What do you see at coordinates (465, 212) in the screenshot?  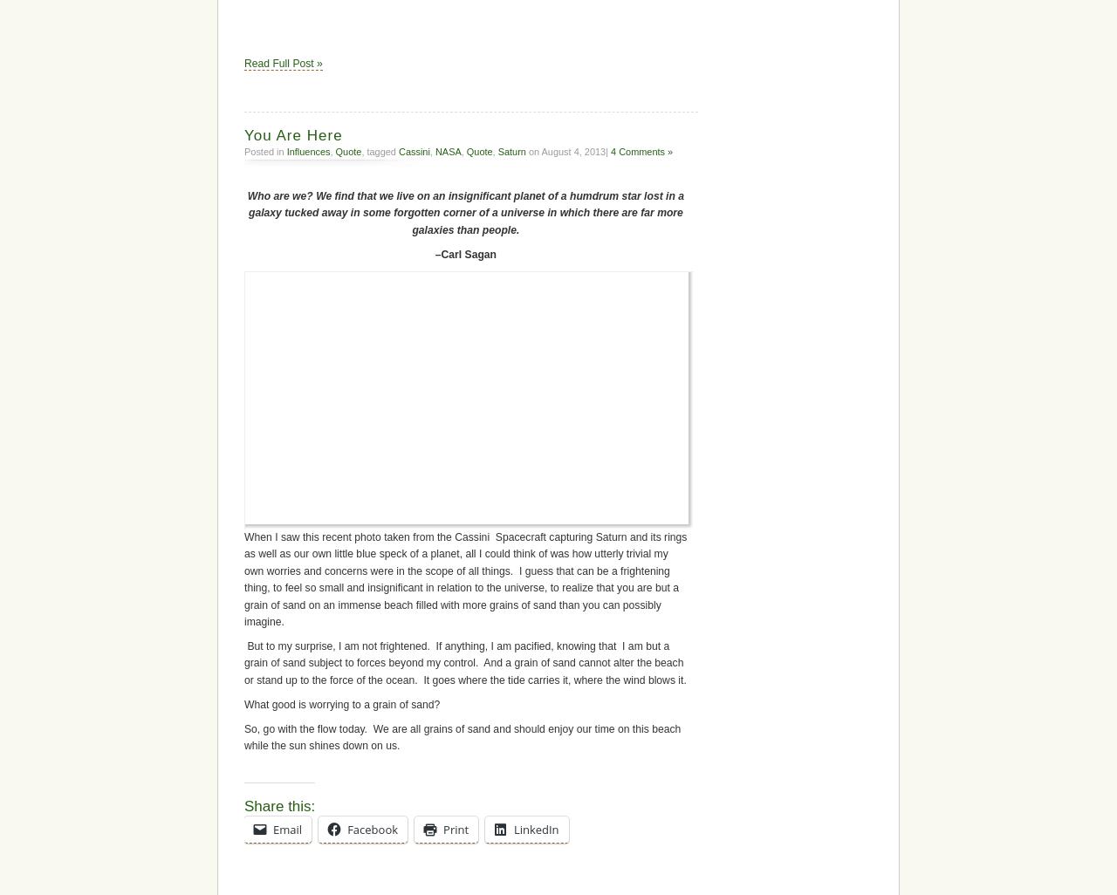 I see `'Who are we? We find that we live on an insignificant planet of a humdrum star lost in a galaxy tucked away in some forgotten corner of a universe in which there are far more galaxies than people.'` at bounding box center [465, 212].